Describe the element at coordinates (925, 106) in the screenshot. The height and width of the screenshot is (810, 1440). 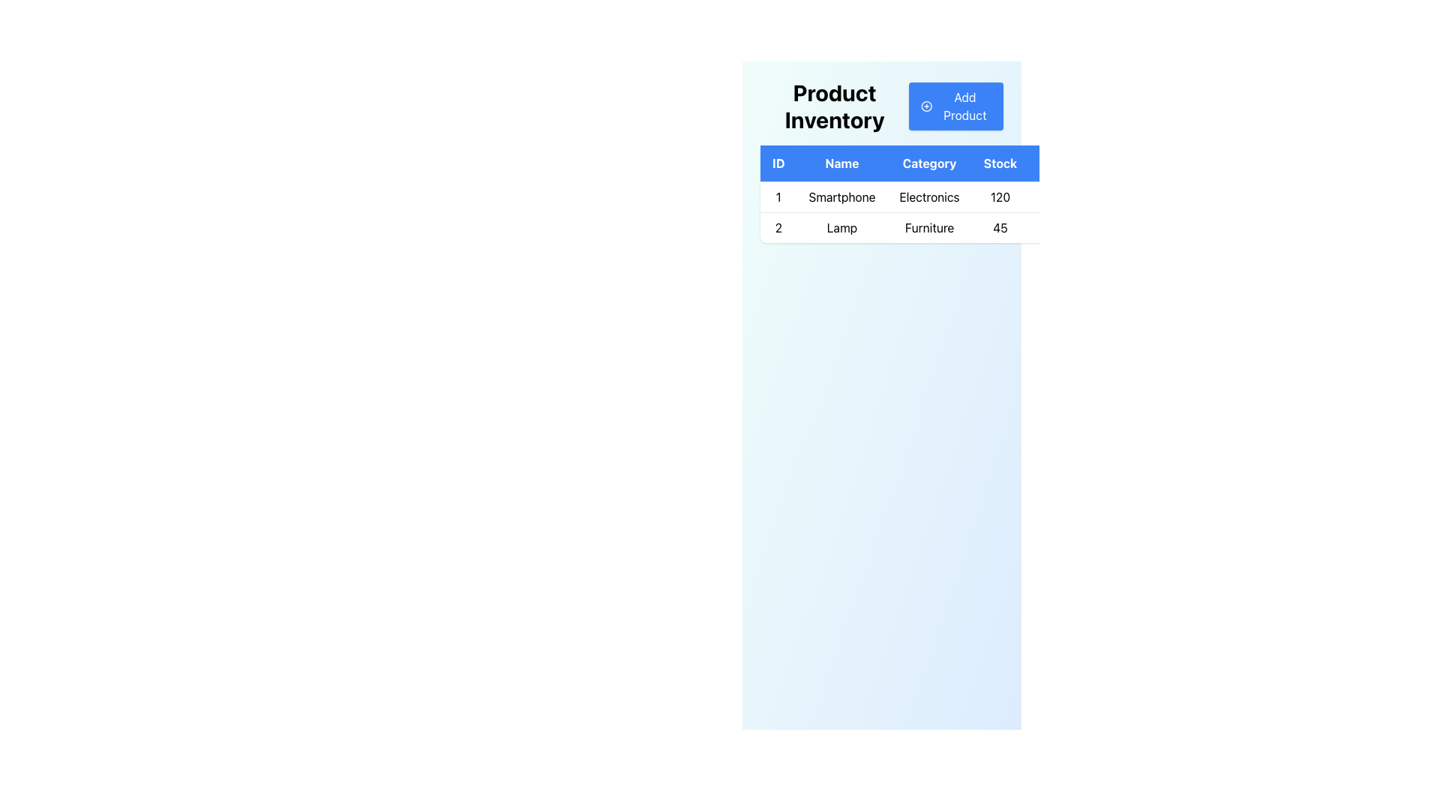
I see `the circular icon located to the left of the 'Add Product' button in the top-right corner of the interface` at that location.